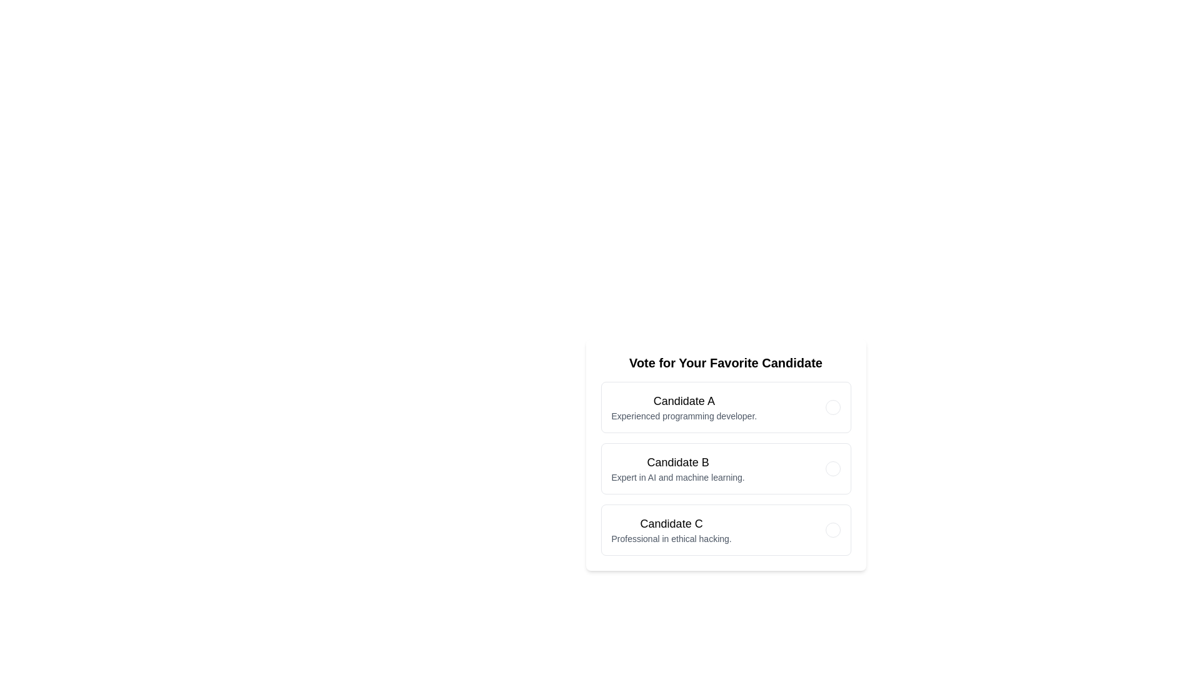 The width and height of the screenshot is (1201, 676). Describe the element at coordinates (726, 530) in the screenshot. I see `the Candidate C voting area to toggle the vote` at that location.